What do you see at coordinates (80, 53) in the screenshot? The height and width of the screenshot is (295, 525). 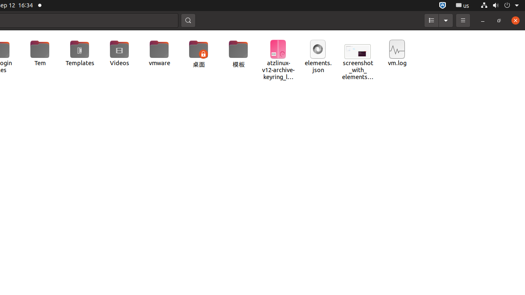 I see `'Templates'` at bounding box center [80, 53].